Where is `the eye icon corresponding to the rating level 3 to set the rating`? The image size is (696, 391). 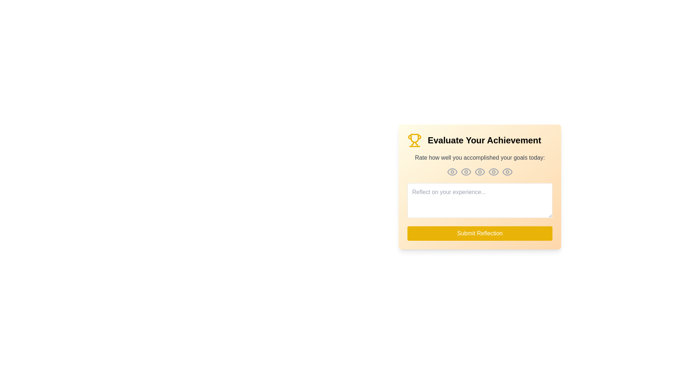
the eye icon corresponding to the rating level 3 to set the rating is located at coordinates (480, 172).